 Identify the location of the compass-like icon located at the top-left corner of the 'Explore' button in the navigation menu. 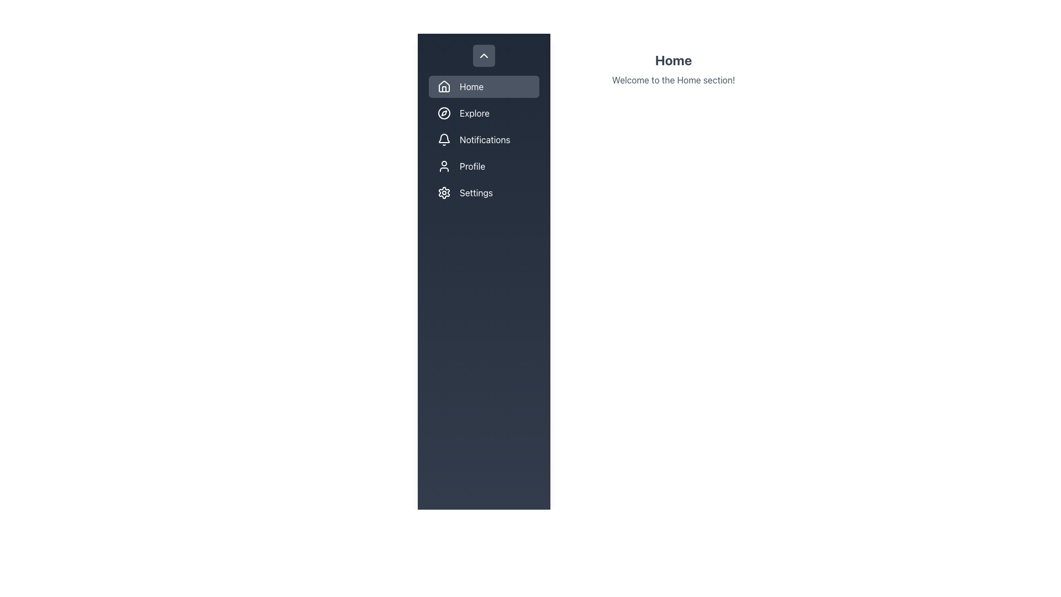
(444, 113).